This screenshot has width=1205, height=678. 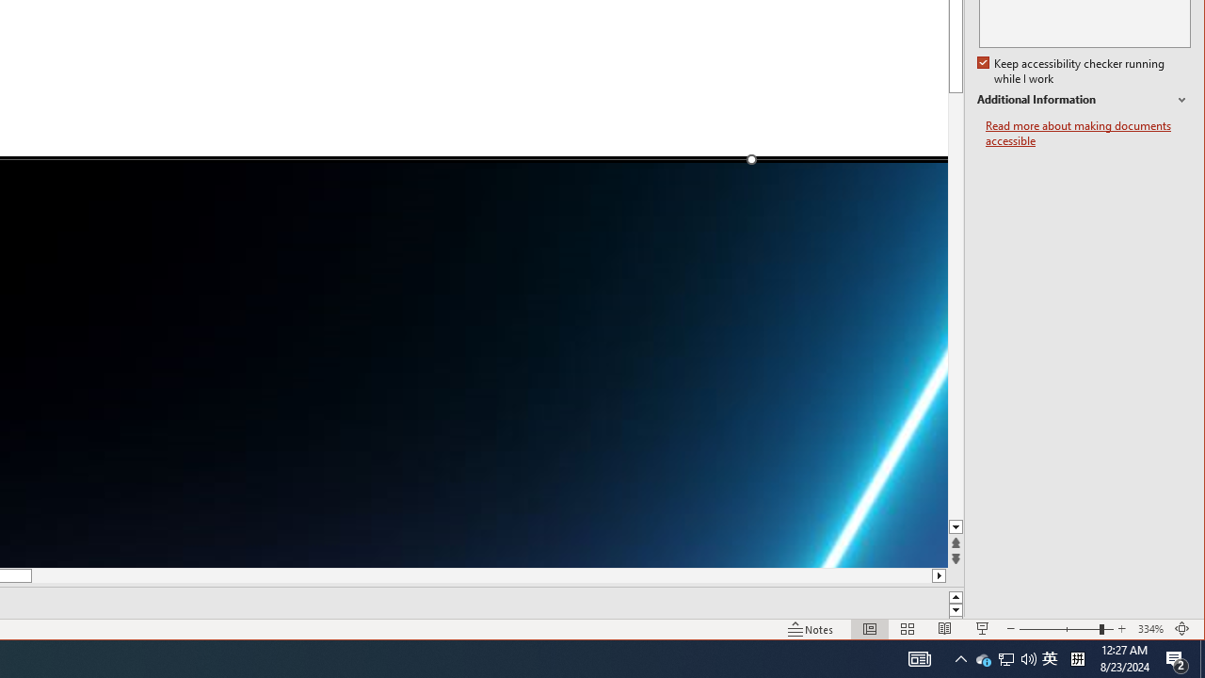 What do you see at coordinates (945, 629) in the screenshot?
I see `'Slide Sorter'` at bounding box center [945, 629].